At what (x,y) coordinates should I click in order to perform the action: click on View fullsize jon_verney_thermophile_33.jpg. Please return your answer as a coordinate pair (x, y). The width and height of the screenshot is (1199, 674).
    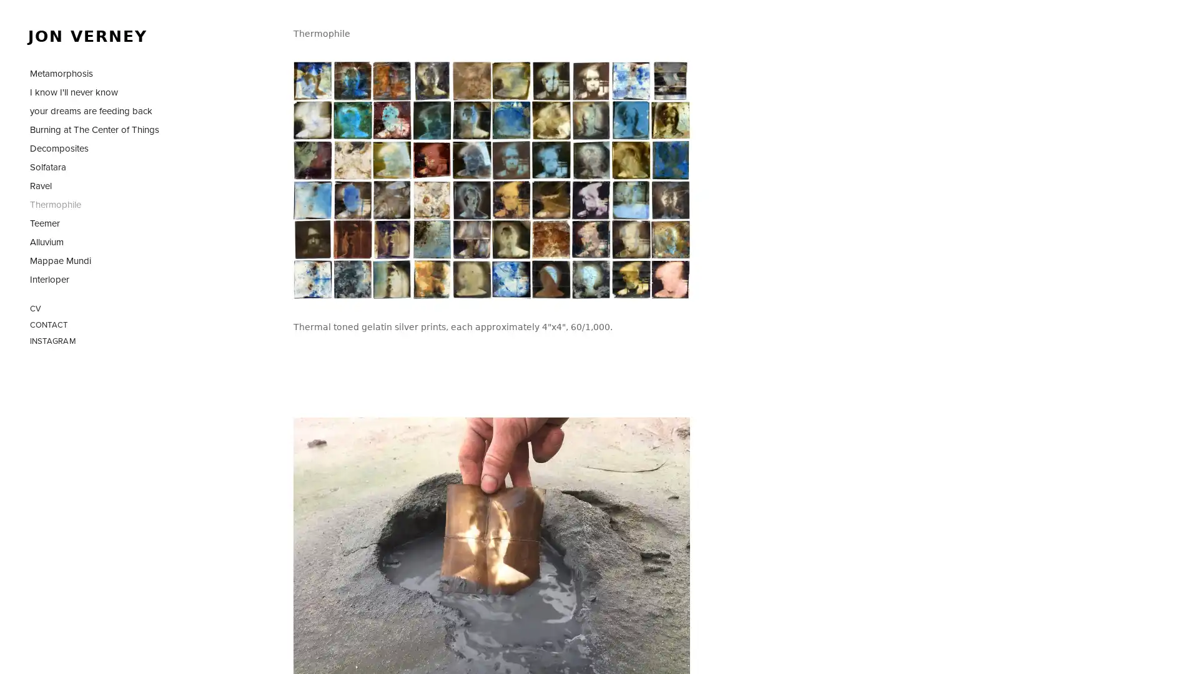
    Looking at the image, I should click on (550, 199).